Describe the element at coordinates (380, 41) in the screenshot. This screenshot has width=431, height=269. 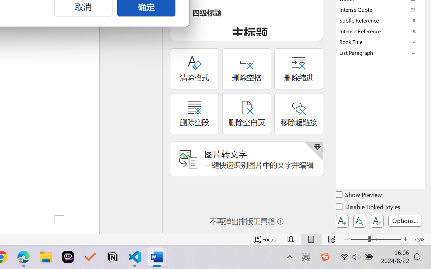
I see `'Book Title'` at that location.